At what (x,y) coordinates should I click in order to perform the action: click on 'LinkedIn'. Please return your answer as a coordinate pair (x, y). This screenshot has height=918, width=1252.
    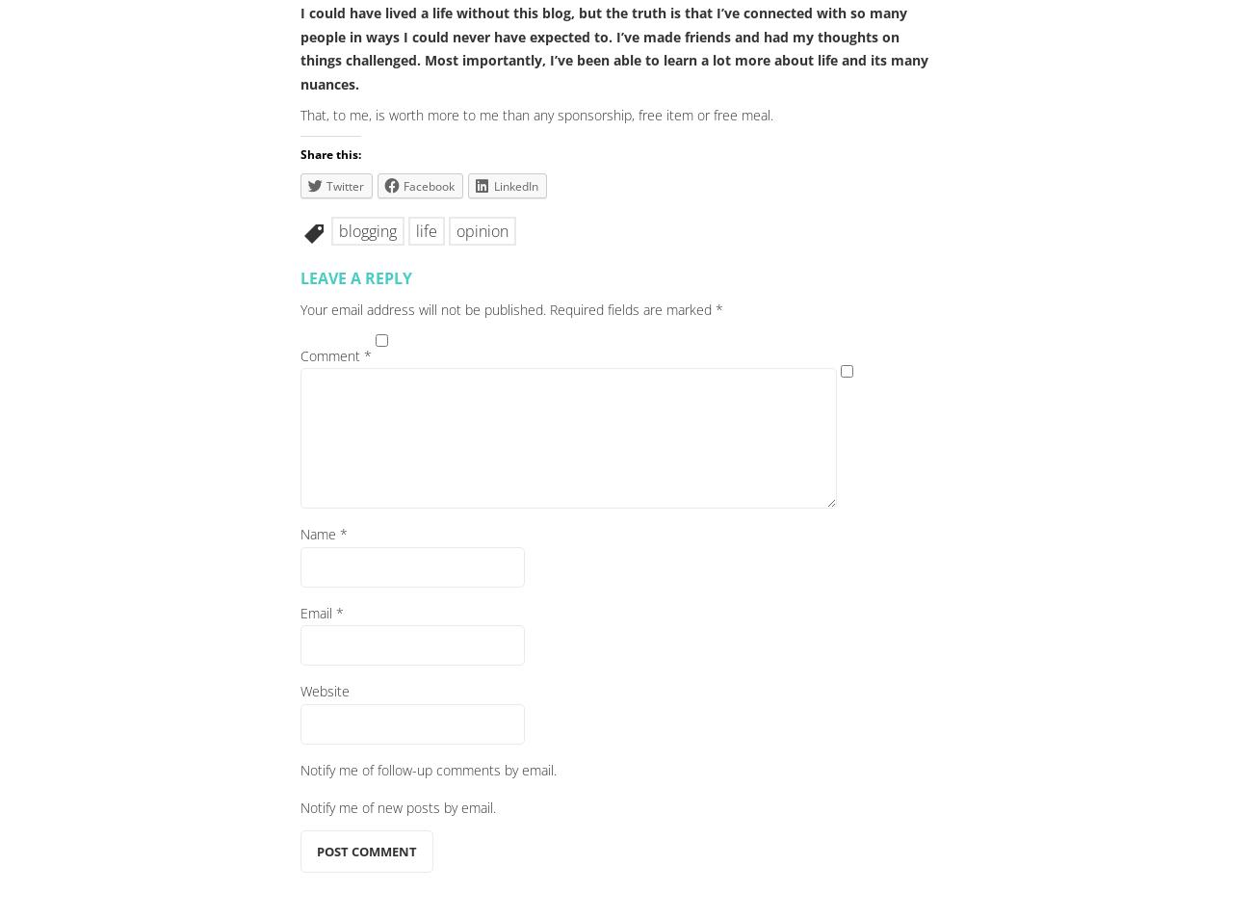
    Looking at the image, I should click on (515, 184).